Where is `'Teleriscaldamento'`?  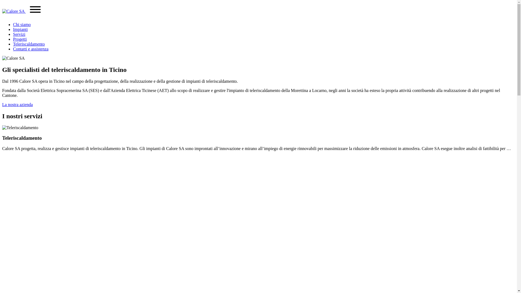
'Teleriscaldamento' is located at coordinates (28, 44).